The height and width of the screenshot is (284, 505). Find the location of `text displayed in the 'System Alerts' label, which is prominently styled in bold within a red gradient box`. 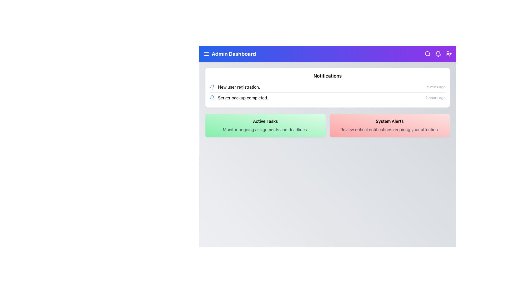

text displayed in the 'System Alerts' label, which is prominently styled in bold within a red gradient box is located at coordinates (390, 121).